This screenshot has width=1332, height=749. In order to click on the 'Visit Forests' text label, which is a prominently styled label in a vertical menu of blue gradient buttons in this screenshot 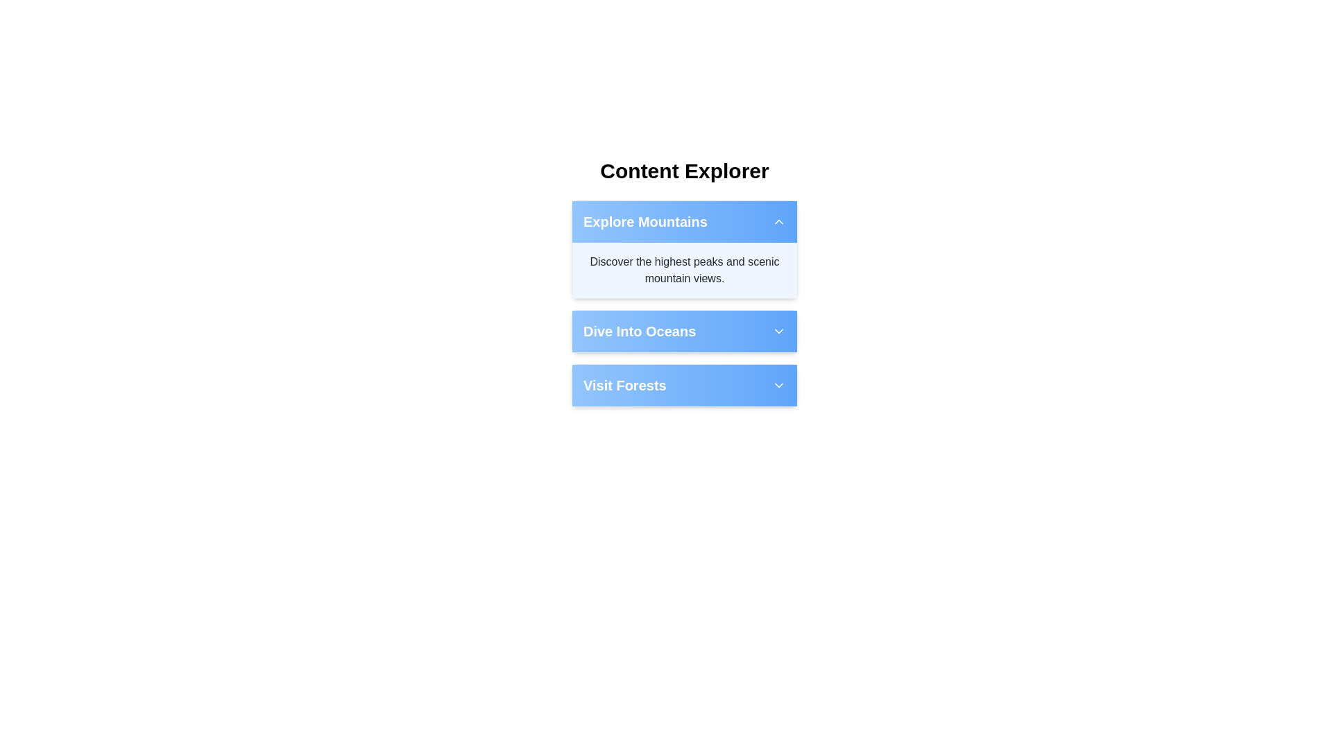, I will do `click(624, 385)`.